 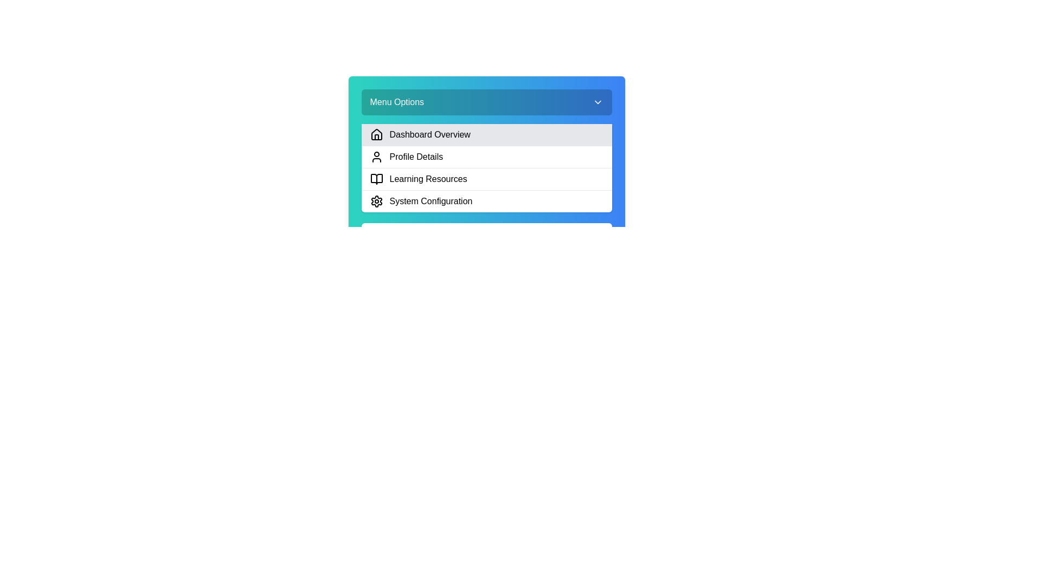 What do you see at coordinates (376, 201) in the screenshot?
I see `the gear icon associated with the 'System Configuration' text label in the menu, which is the leftmost component of the entry` at bounding box center [376, 201].